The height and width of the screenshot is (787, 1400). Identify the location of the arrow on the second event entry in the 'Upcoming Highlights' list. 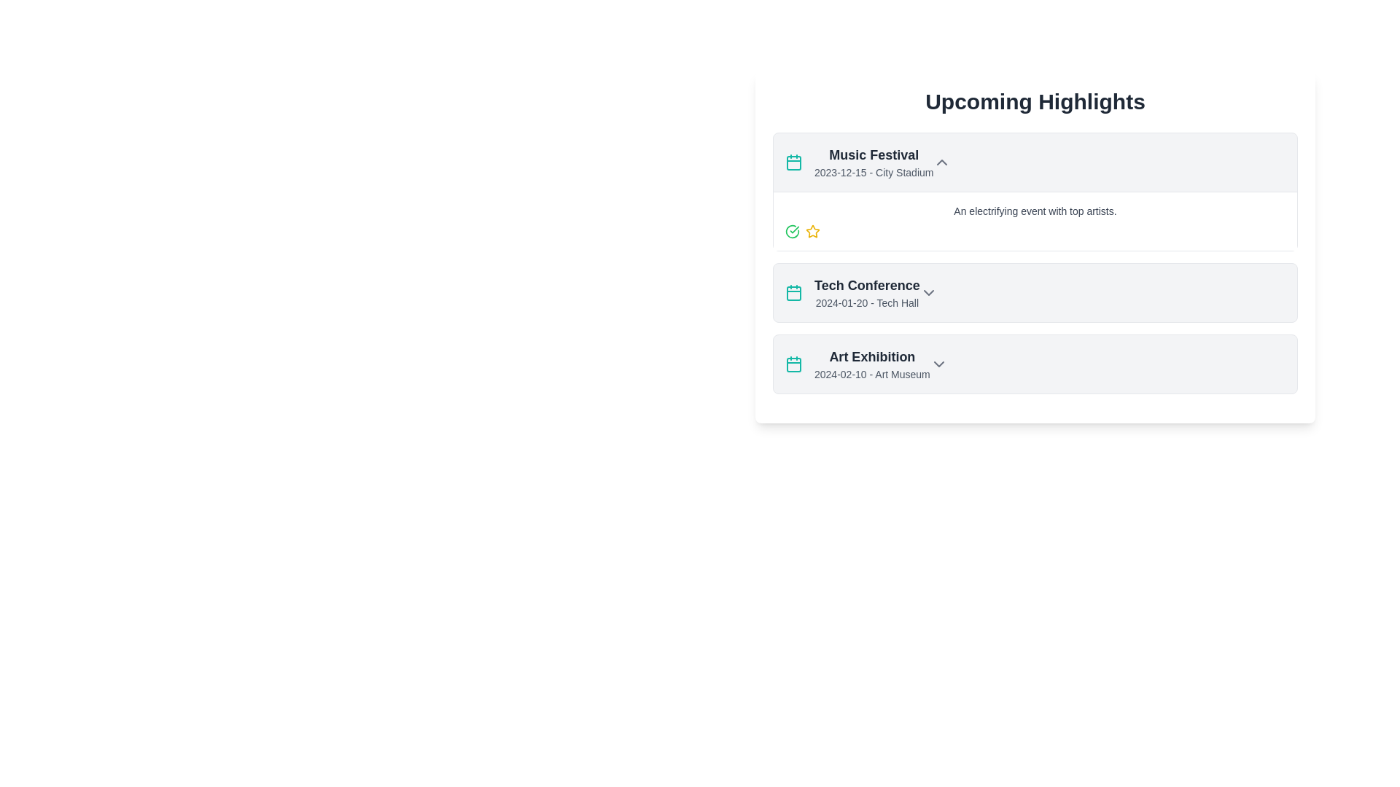
(1035, 292).